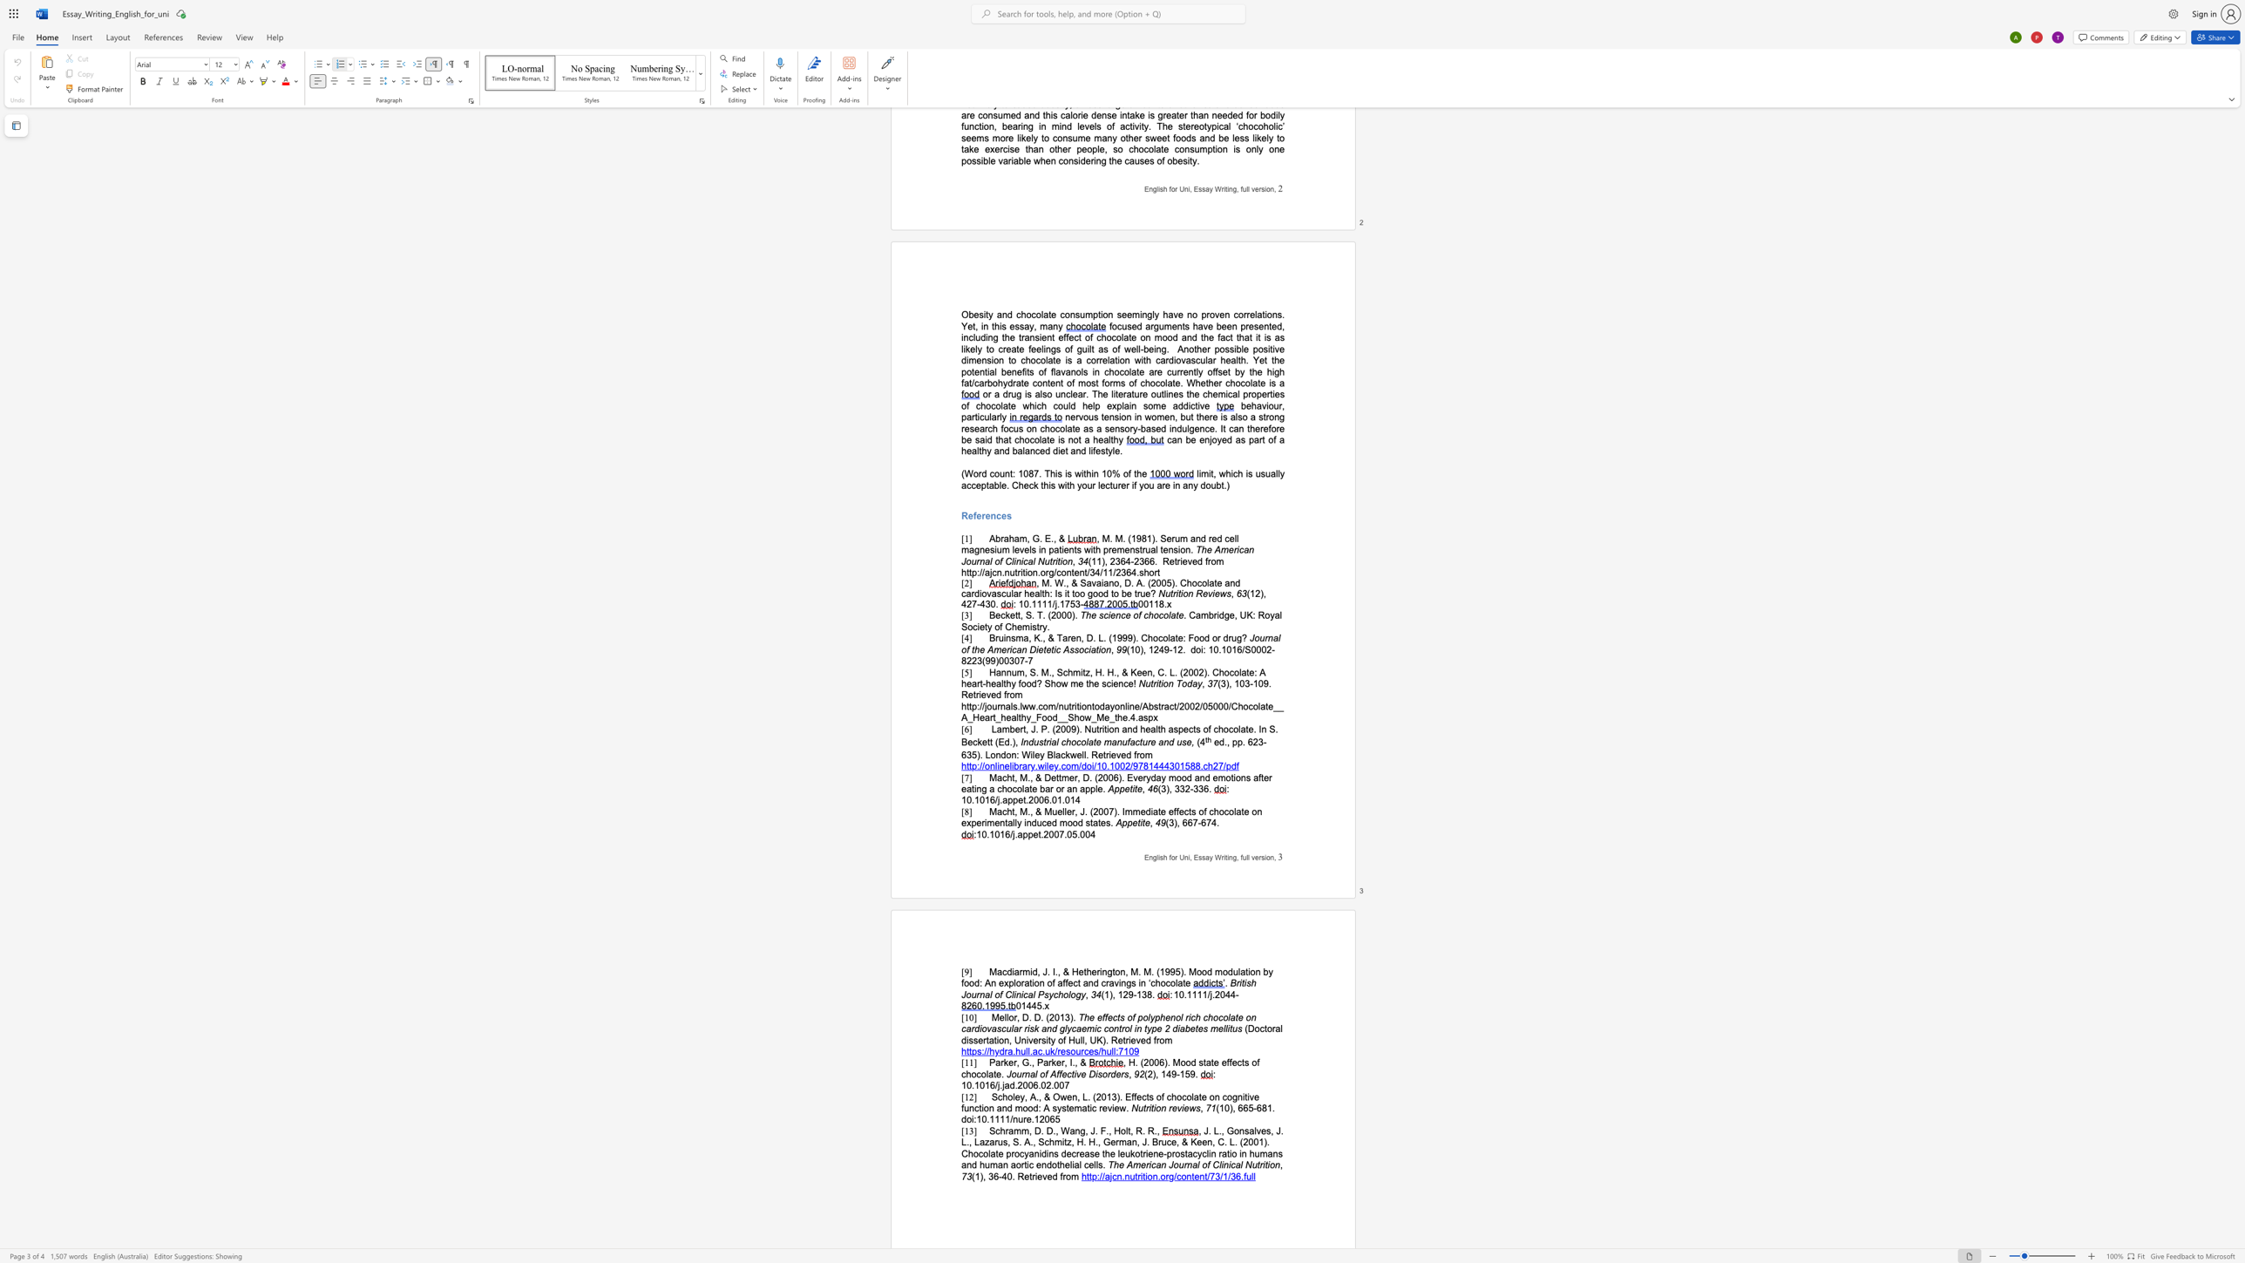 The width and height of the screenshot is (2245, 1263). I want to click on the space between the continuous character "t" and "i" in the text, so click(1106, 729).